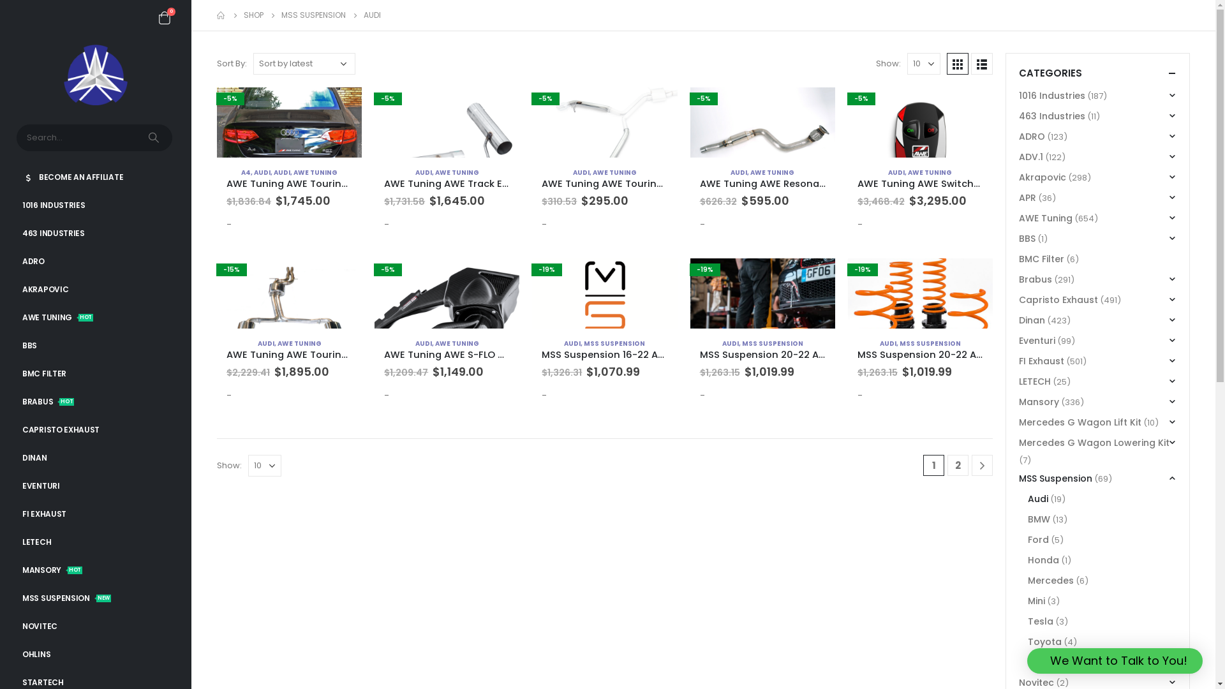  What do you see at coordinates (94, 514) in the screenshot?
I see `'FI EXHAUST'` at bounding box center [94, 514].